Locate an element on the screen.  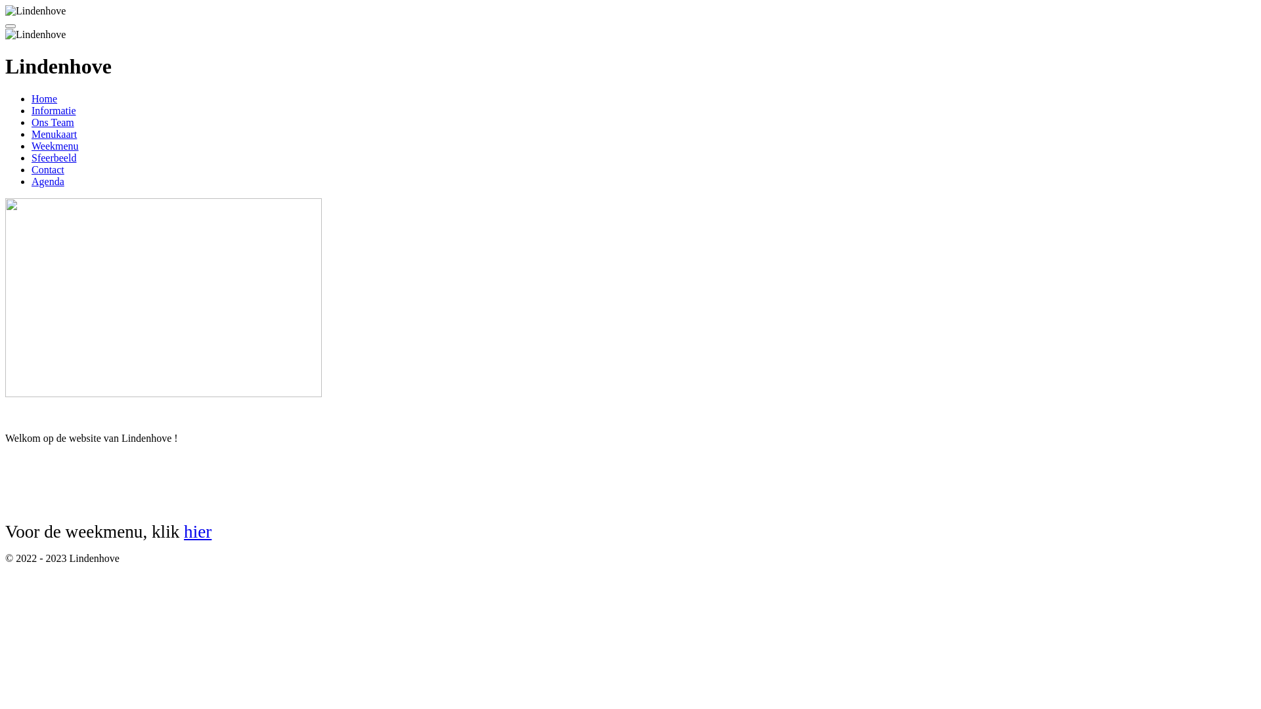
'Lindenhove' is located at coordinates (35, 11).